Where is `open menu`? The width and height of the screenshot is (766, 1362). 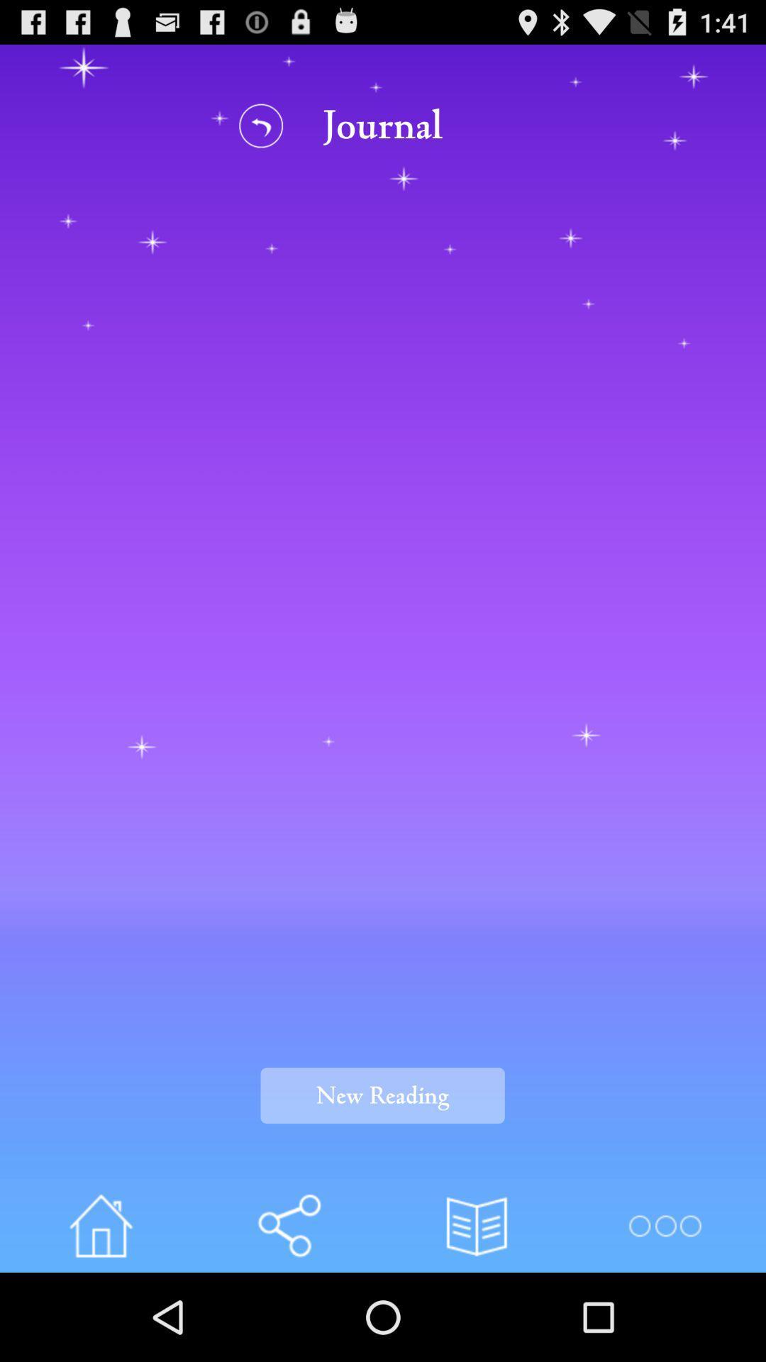 open menu is located at coordinates (665, 1225).